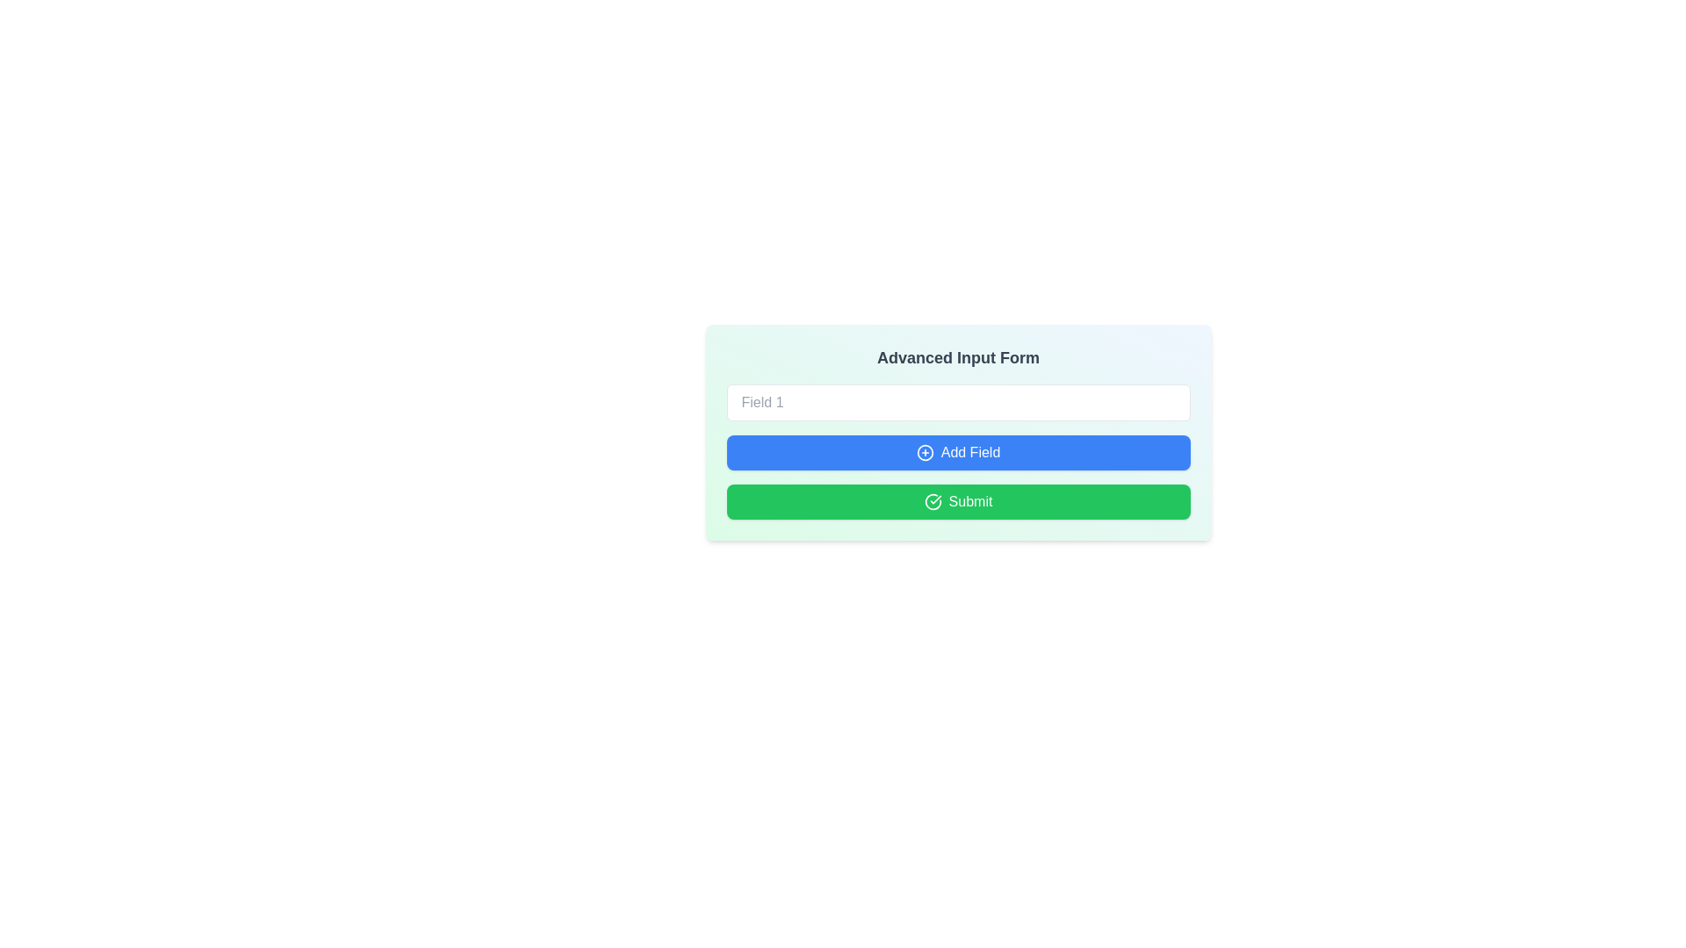 The image size is (1686, 948). I want to click on the approval icon located inside the 'Submit' button, which is positioned to the left of the text 'Submit', so click(932, 501).